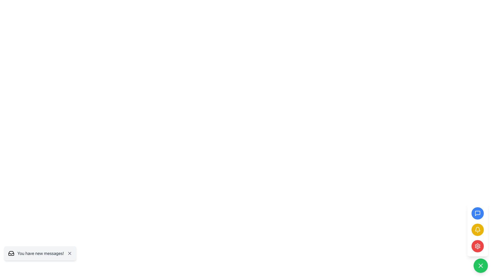 This screenshot has width=492, height=277. I want to click on the topmost speech bubble icon button in the vertical toolbar on the right side of the interface, so click(477, 213).